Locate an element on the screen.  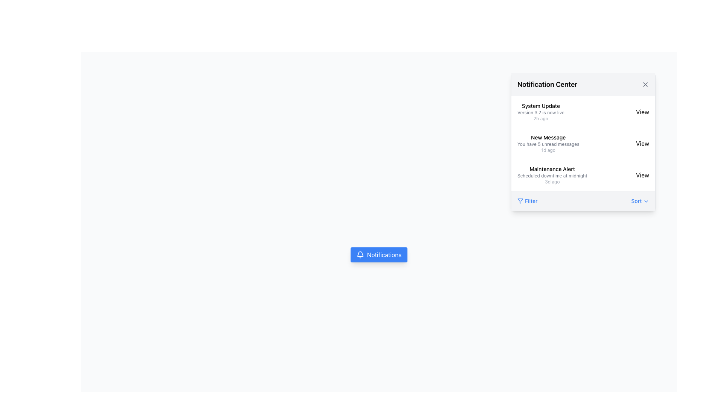
the '2h ago' text label displayed in small, light gray font located below the 'System Update' headline in the notification center is located at coordinates (540, 118).